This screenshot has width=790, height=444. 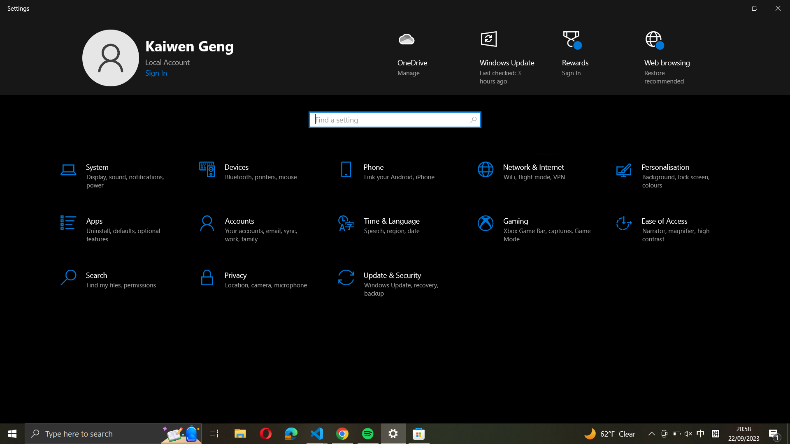 What do you see at coordinates (394, 119) in the screenshot?
I see `Use the search function to access "Lock screen settings" in the settings menu` at bounding box center [394, 119].